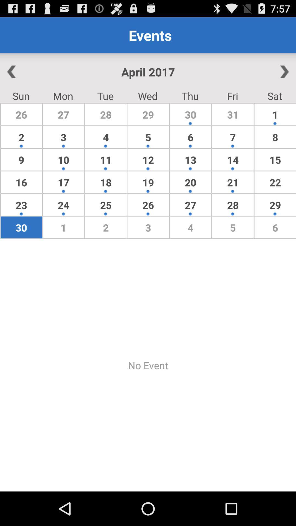  Describe the element at coordinates (106, 159) in the screenshot. I see `the 11 icon` at that location.